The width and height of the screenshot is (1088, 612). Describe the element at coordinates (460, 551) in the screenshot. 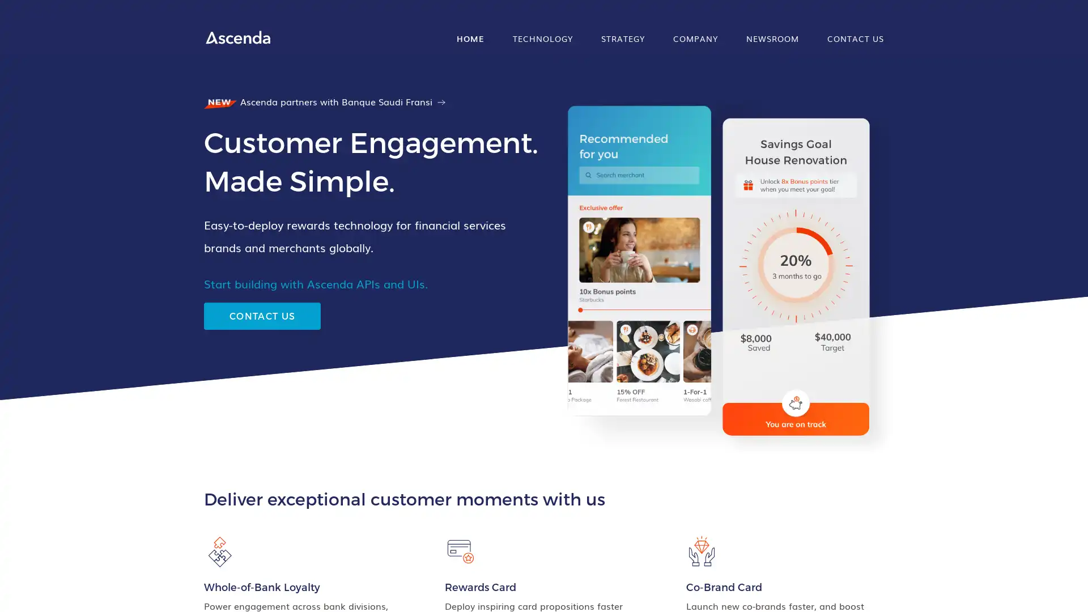

I see `animation` at that location.